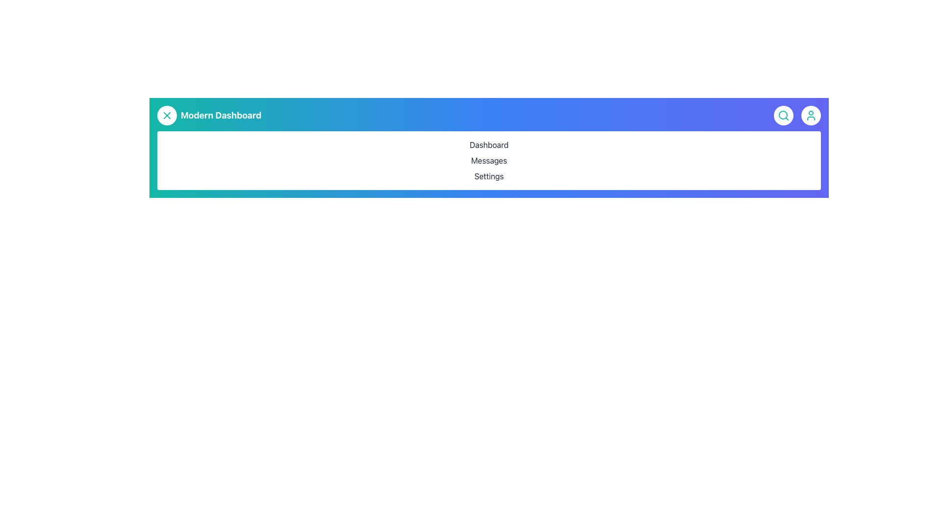 Image resolution: width=941 pixels, height=529 pixels. What do you see at coordinates (811, 115) in the screenshot?
I see `the circular icon button with a teal user icon on a white background located on the far right of the header section` at bounding box center [811, 115].